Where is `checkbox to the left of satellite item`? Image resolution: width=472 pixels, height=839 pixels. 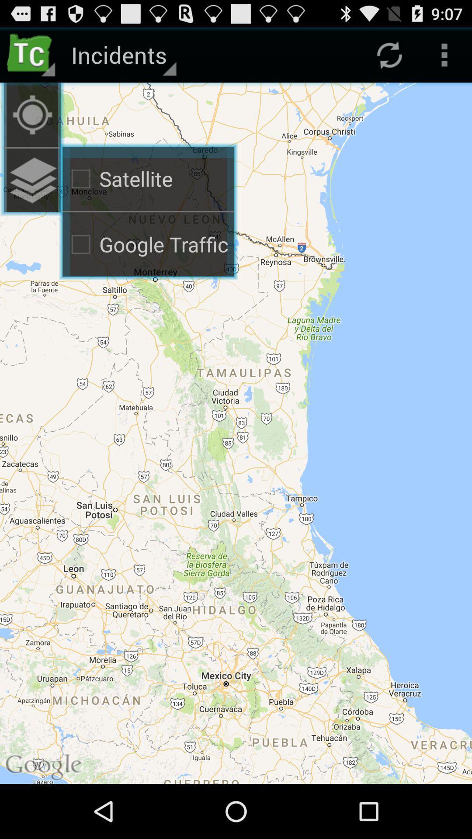
checkbox to the left of satellite item is located at coordinates (31, 114).